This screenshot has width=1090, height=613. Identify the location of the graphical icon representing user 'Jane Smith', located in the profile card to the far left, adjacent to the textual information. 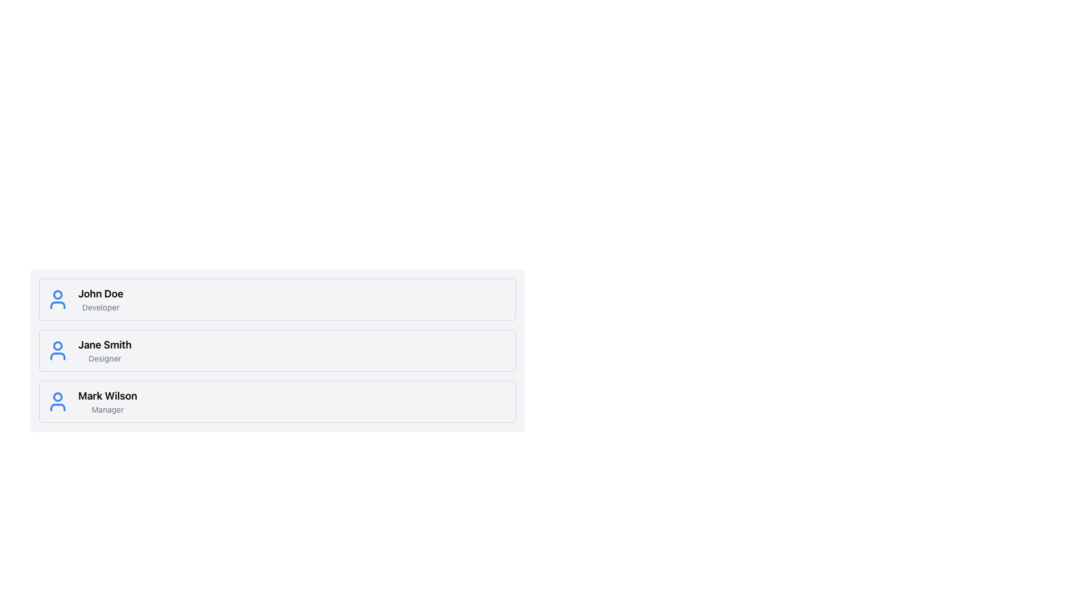
(57, 350).